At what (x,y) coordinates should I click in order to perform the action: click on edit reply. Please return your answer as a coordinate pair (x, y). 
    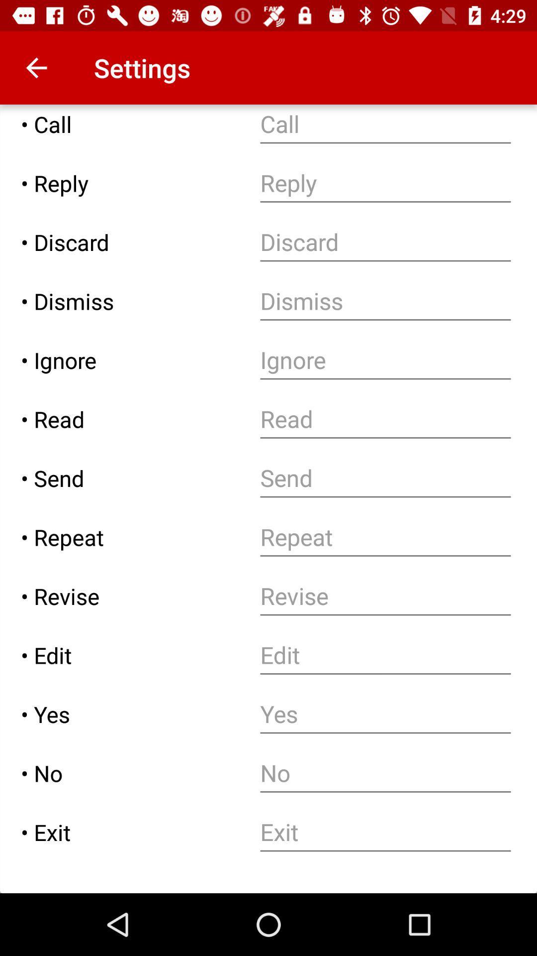
    Looking at the image, I should click on (385, 183).